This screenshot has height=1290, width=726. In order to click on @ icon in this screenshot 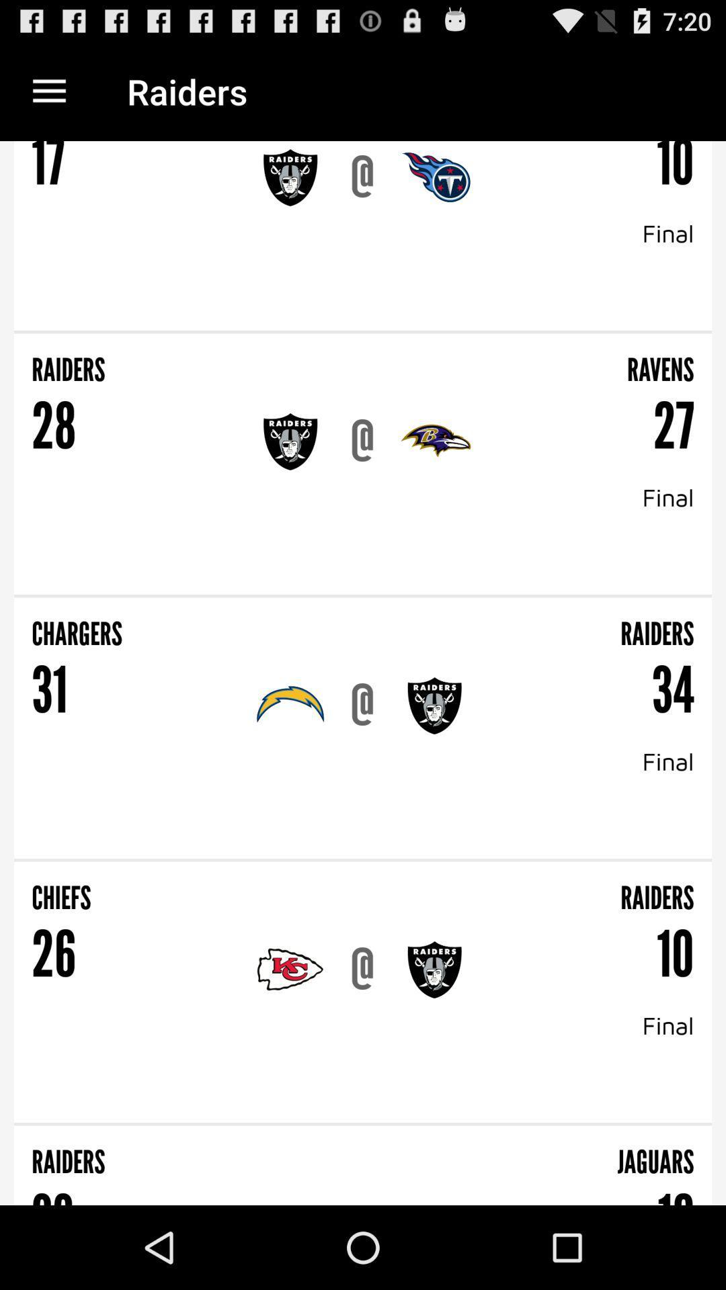, I will do `click(362, 970)`.